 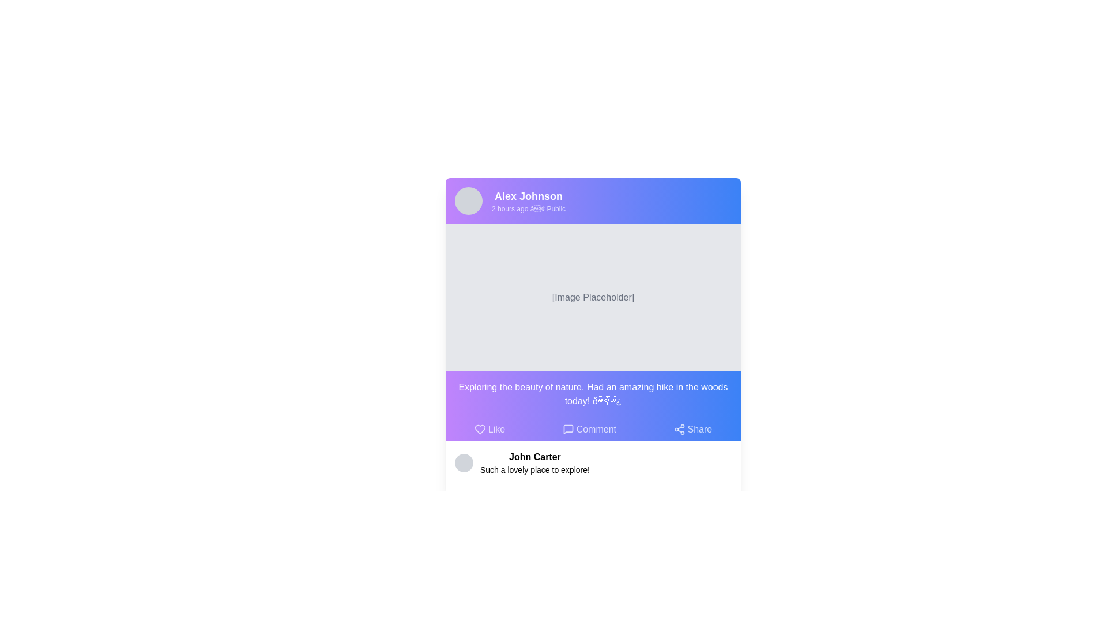 I want to click on the 'comment' SVG icon located centrally in the bottom part of the content area, next to the 'Comment' text label, so click(x=568, y=429).